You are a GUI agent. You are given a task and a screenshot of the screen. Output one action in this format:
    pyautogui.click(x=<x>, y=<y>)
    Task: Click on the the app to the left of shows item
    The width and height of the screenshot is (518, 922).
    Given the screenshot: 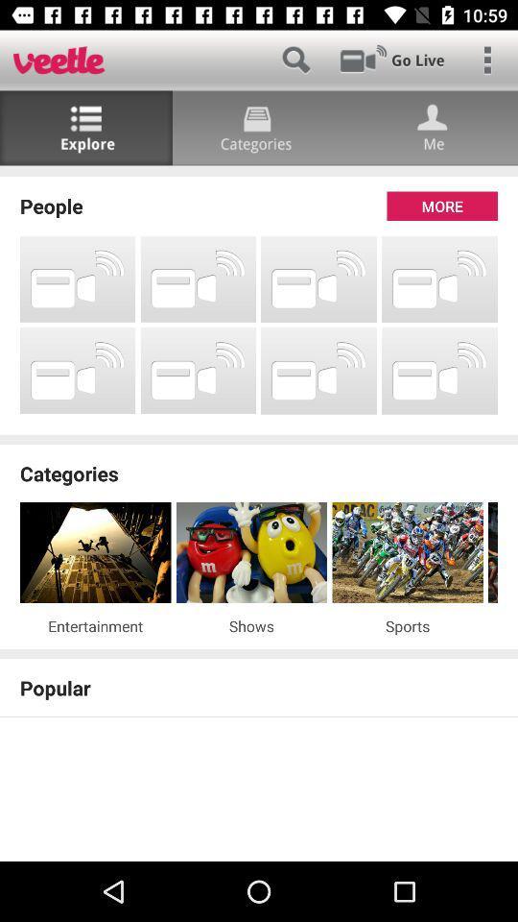 What is the action you would take?
    pyautogui.click(x=94, y=624)
    